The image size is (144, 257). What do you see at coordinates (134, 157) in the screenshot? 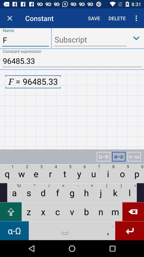
I see `language option` at bounding box center [134, 157].